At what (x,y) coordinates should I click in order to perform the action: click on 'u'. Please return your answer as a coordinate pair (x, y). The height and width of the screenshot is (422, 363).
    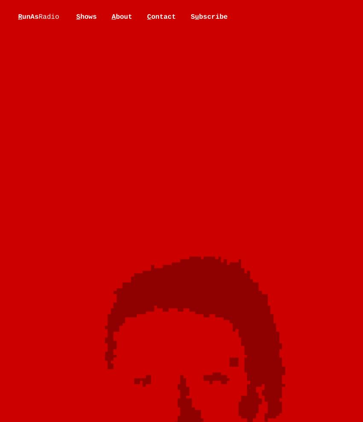
    Looking at the image, I should click on (196, 16).